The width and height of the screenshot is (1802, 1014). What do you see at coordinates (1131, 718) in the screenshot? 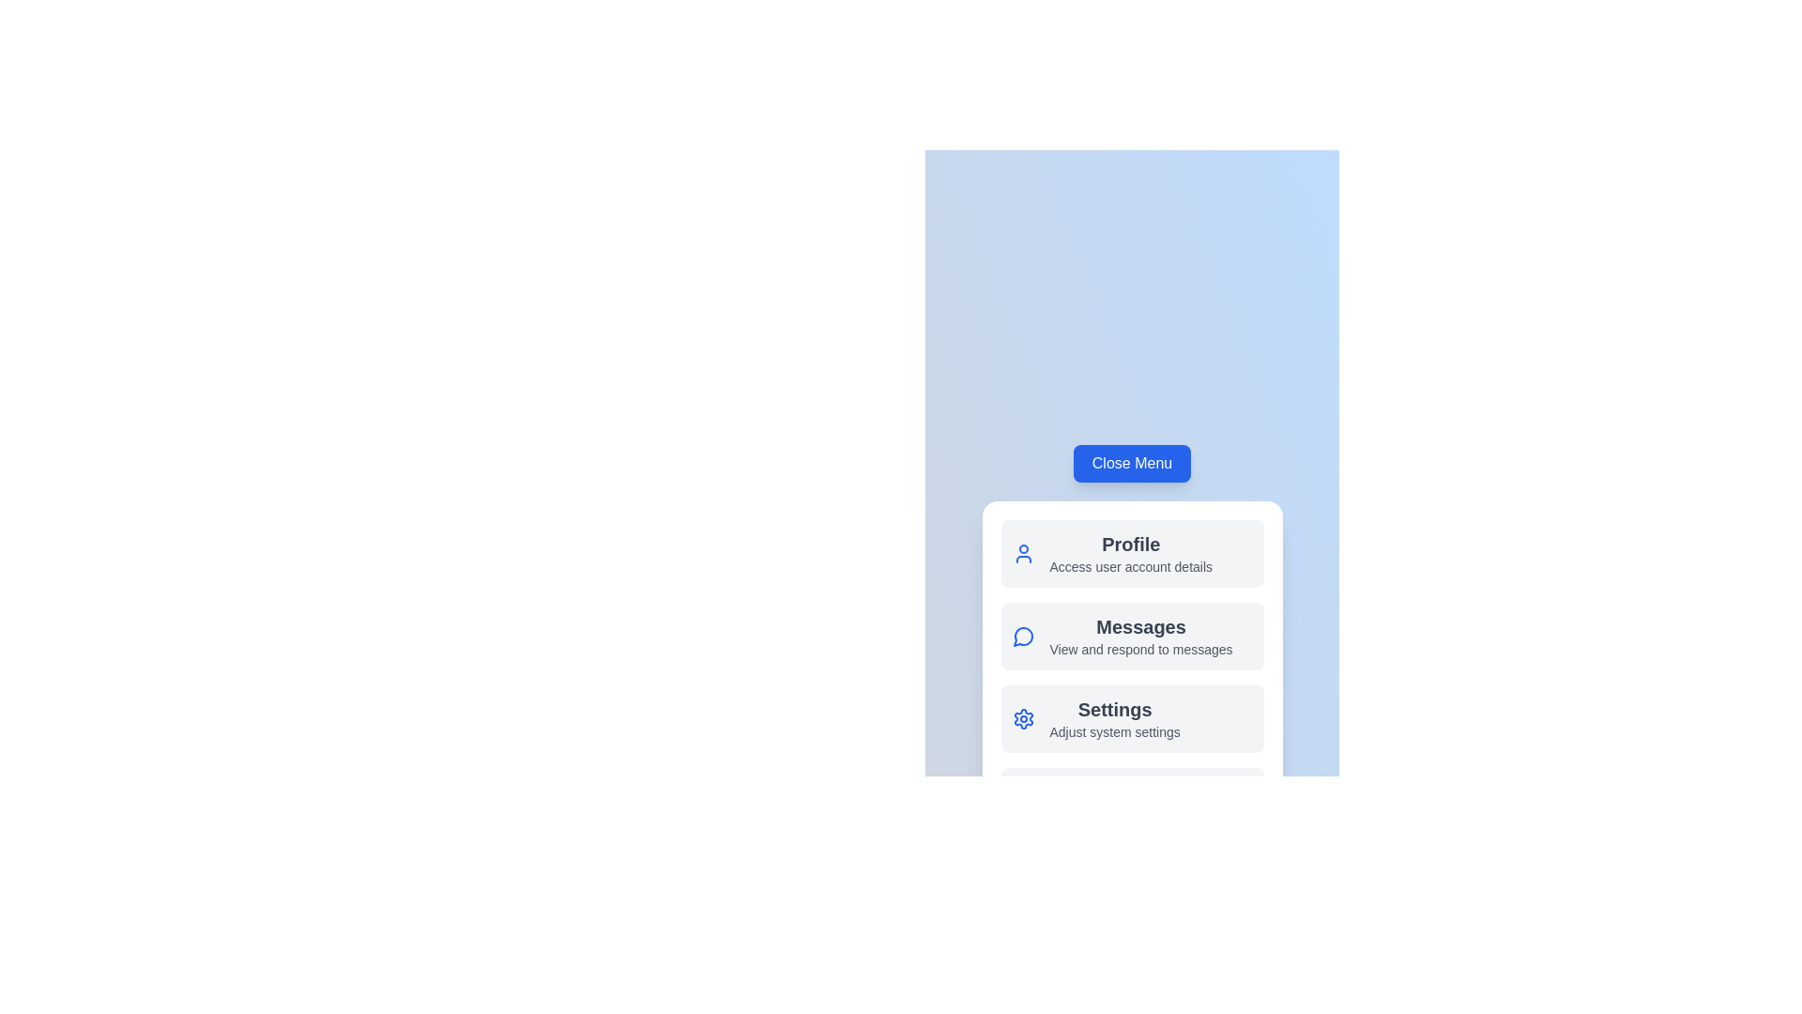
I see `the 'Settings' menu item to access the system settings` at bounding box center [1131, 718].